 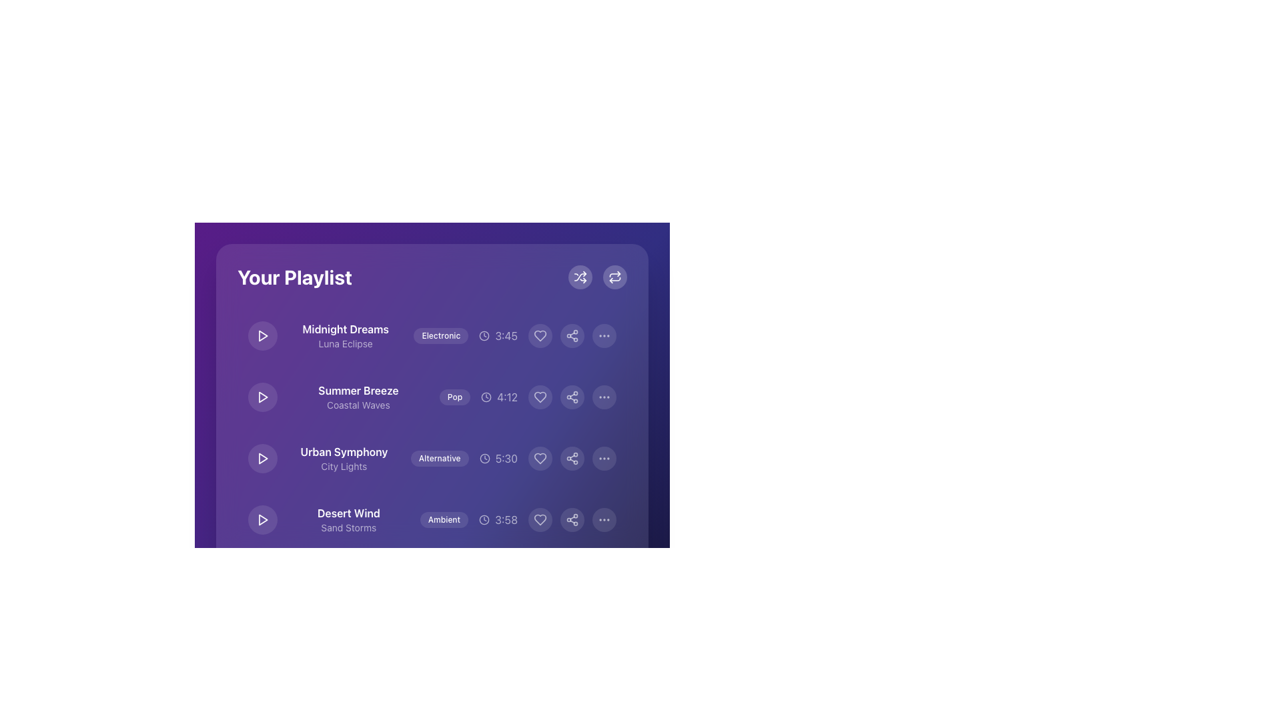 What do you see at coordinates (498, 457) in the screenshot?
I see `the text element indicating the duration of the song 'Urban Symphony', located in the third row of the playlist, right-aligned next to the 'Alternative' tag and the heart icon` at bounding box center [498, 457].